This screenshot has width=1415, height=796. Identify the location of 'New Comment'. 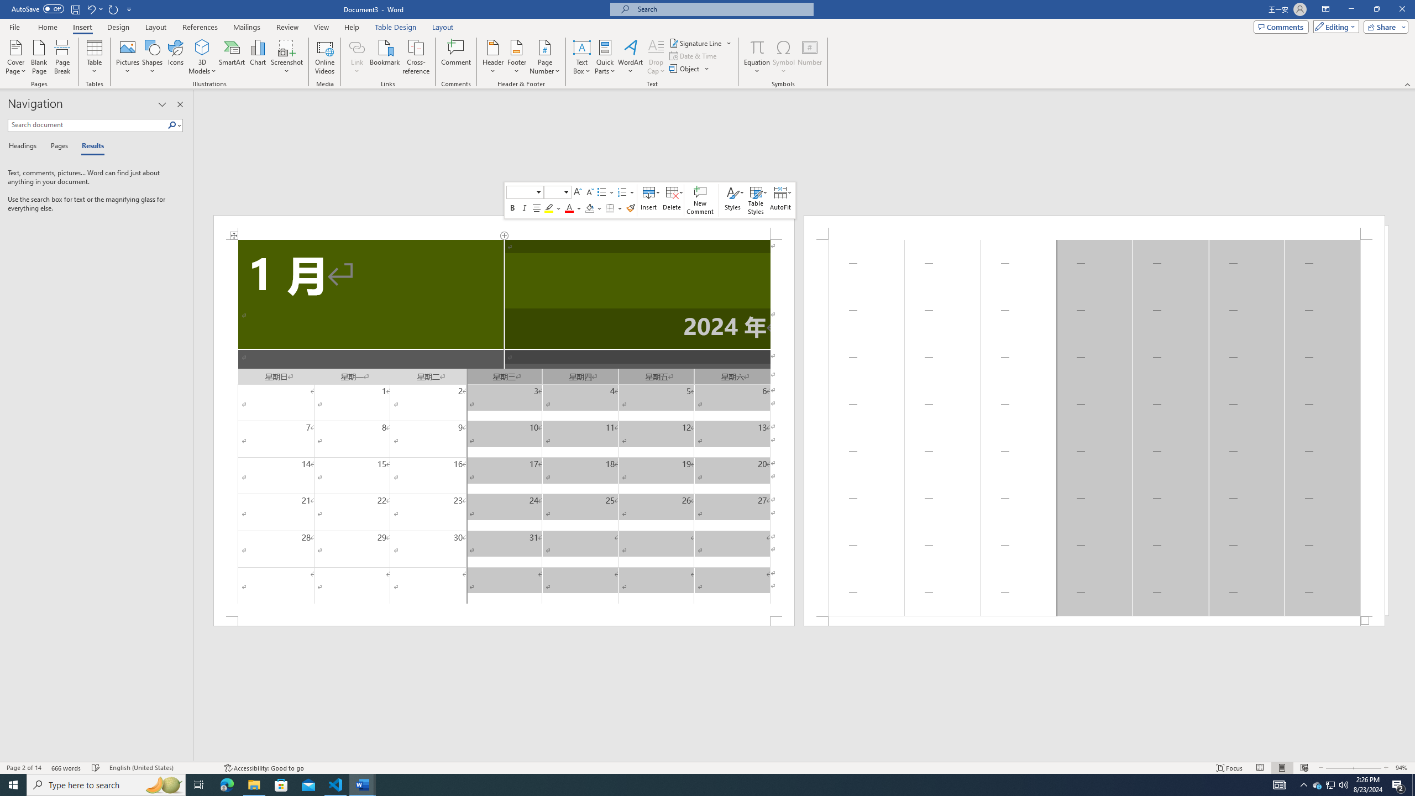
(700, 200).